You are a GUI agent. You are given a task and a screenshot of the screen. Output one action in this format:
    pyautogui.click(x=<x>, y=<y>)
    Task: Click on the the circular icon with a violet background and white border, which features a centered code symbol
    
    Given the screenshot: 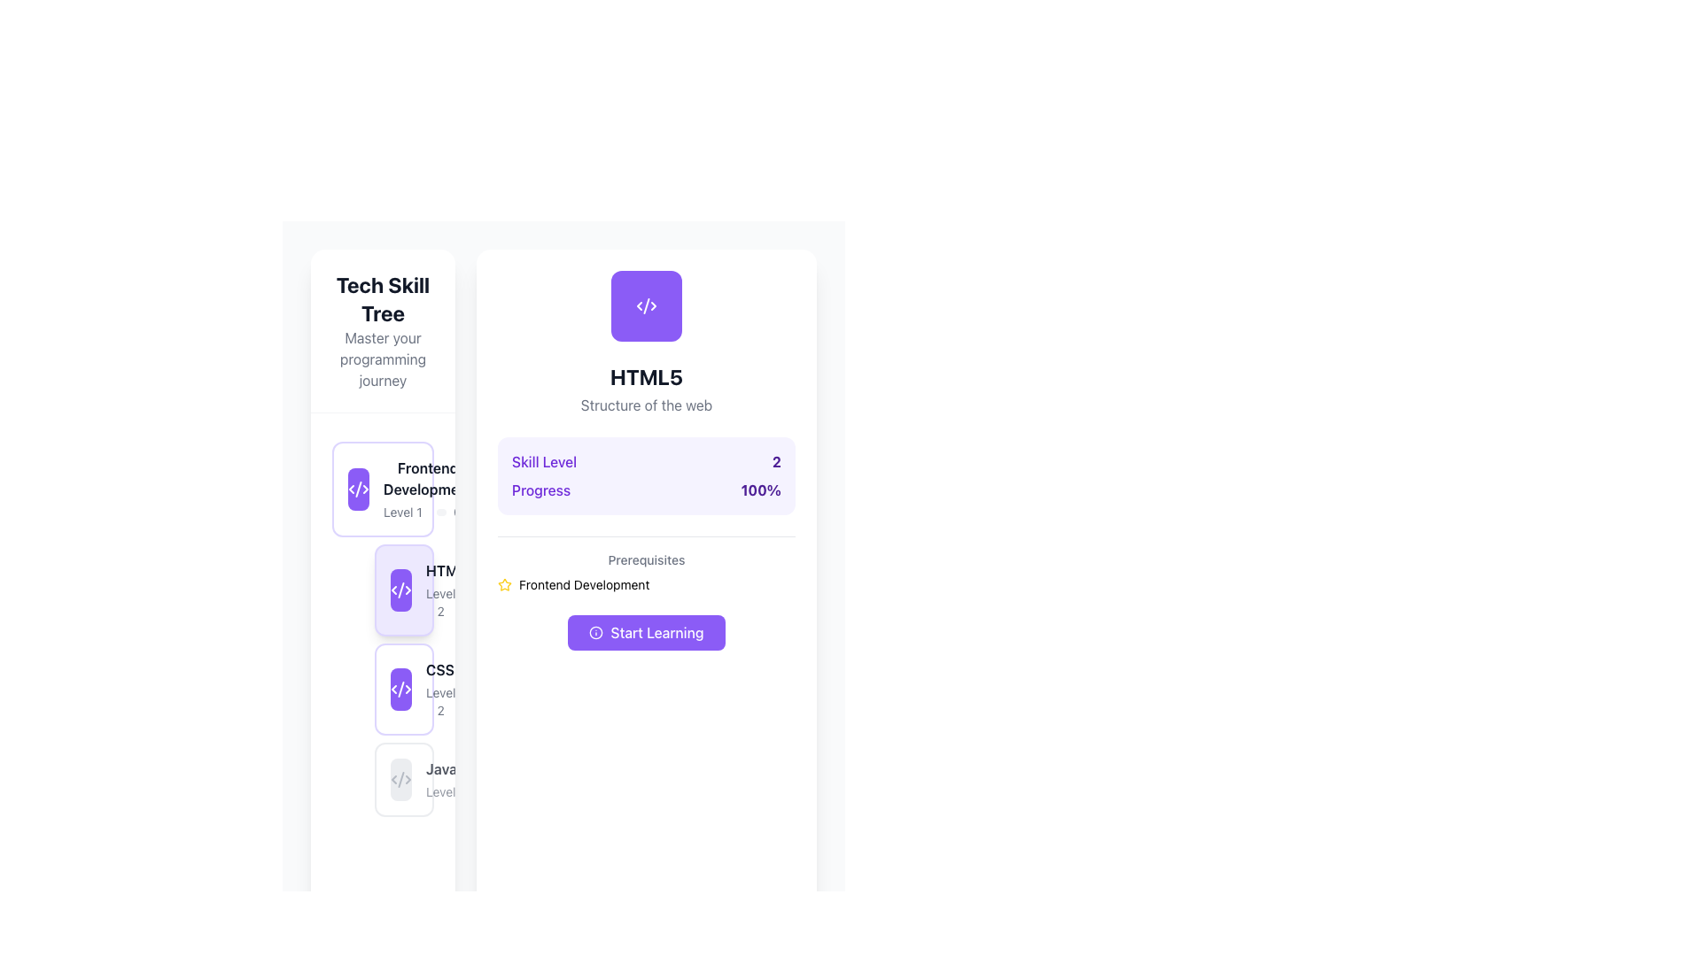 What is the action you would take?
    pyautogui.click(x=400, y=689)
    